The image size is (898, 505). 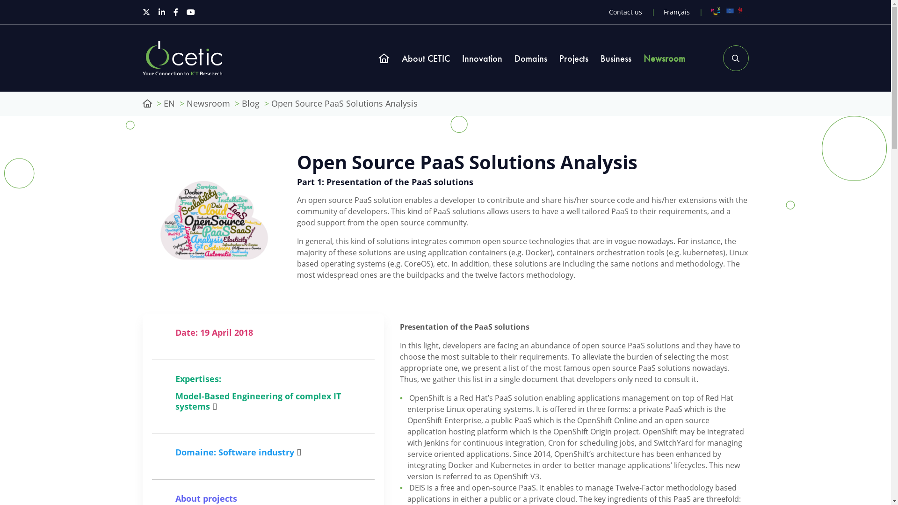 I want to click on 'Innovation', so click(x=482, y=58).